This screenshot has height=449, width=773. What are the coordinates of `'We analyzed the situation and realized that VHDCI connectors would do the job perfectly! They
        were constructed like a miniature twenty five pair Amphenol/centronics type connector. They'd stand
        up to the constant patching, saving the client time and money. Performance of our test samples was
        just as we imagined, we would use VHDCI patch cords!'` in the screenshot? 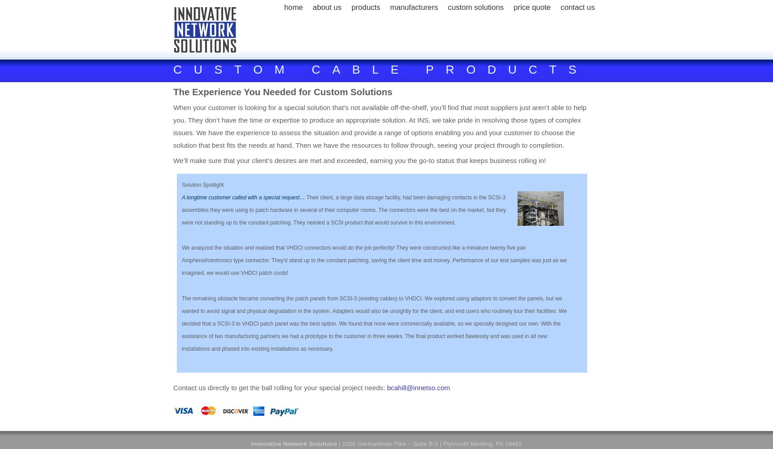 It's located at (373, 260).